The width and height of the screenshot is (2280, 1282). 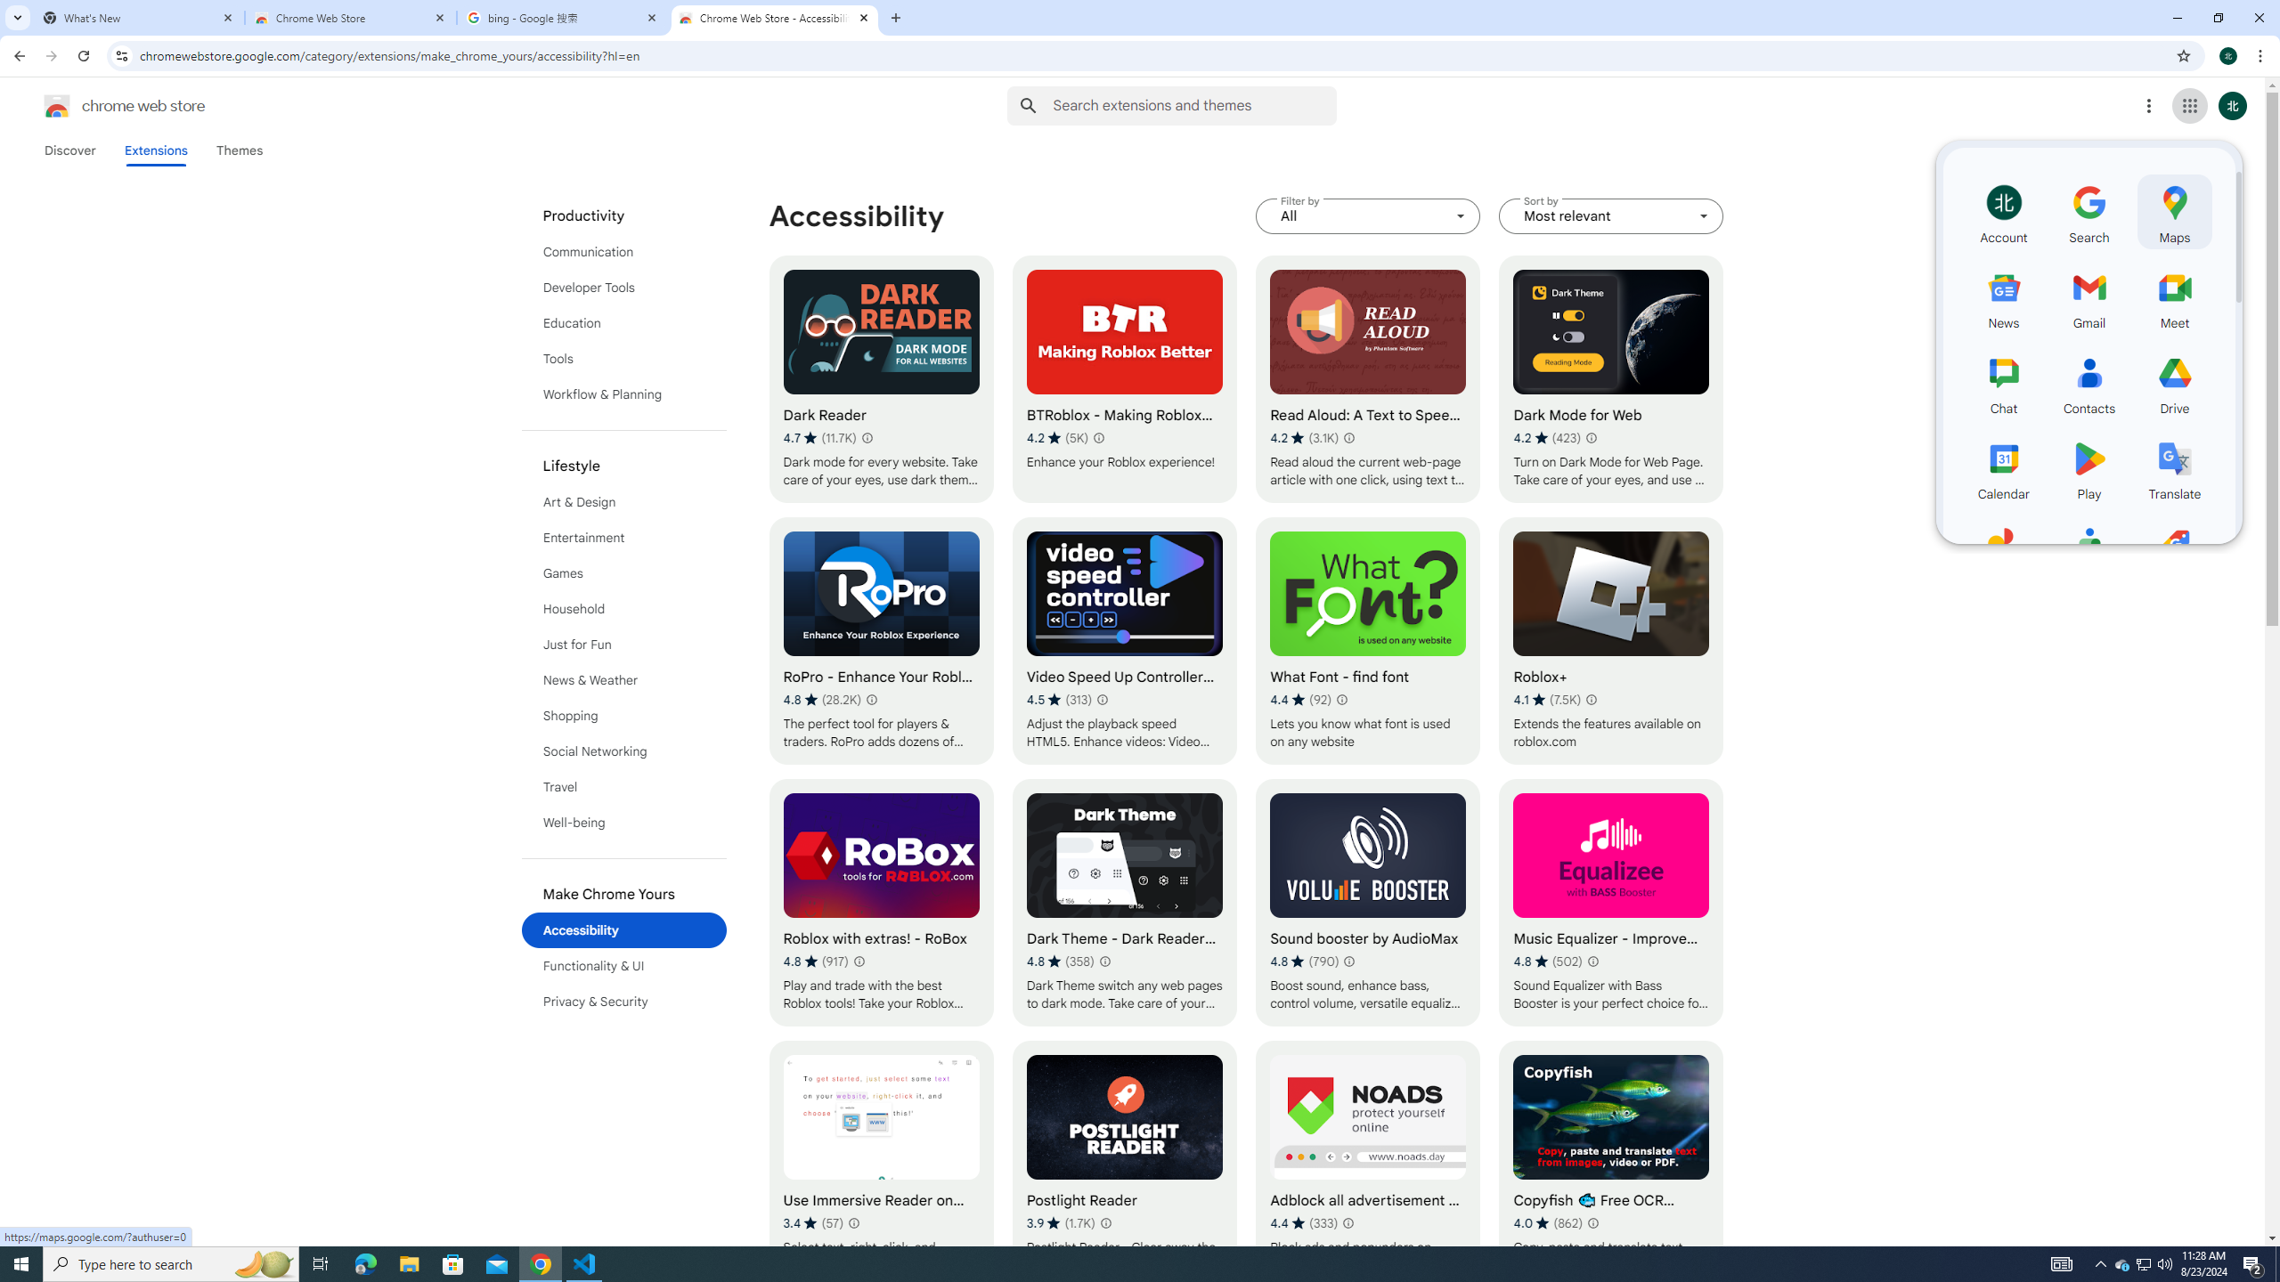 I want to click on 'Sound booster by AudioMax', so click(x=1368, y=903).